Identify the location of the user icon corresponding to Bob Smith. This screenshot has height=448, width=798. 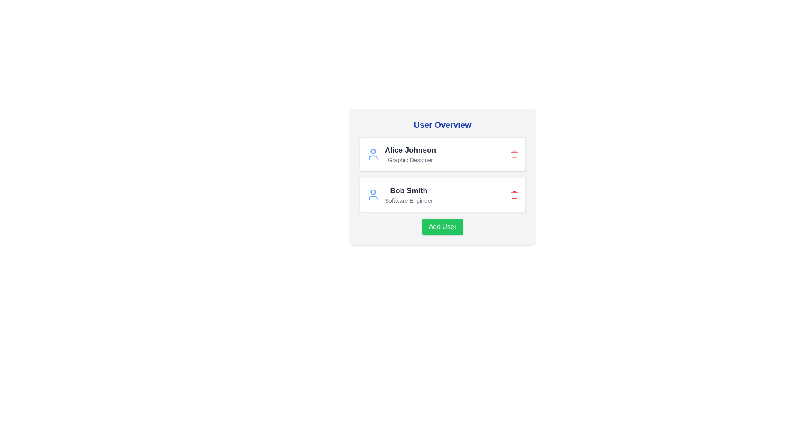
(372, 195).